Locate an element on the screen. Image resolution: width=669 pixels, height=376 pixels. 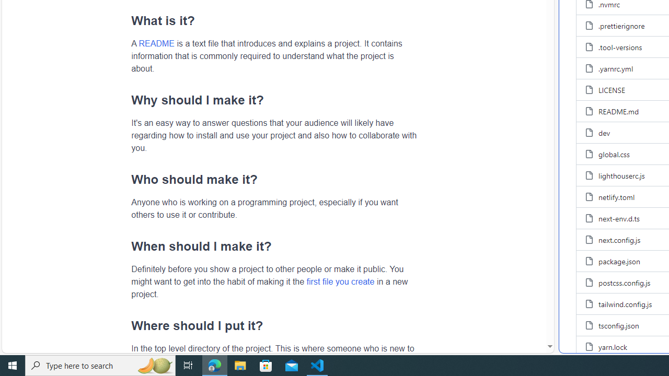
'next.config.js, (File)' is located at coordinates (619, 239).